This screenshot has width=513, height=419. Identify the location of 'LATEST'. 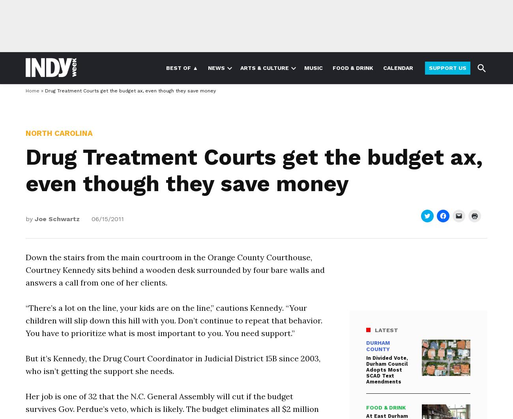
(386, 330).